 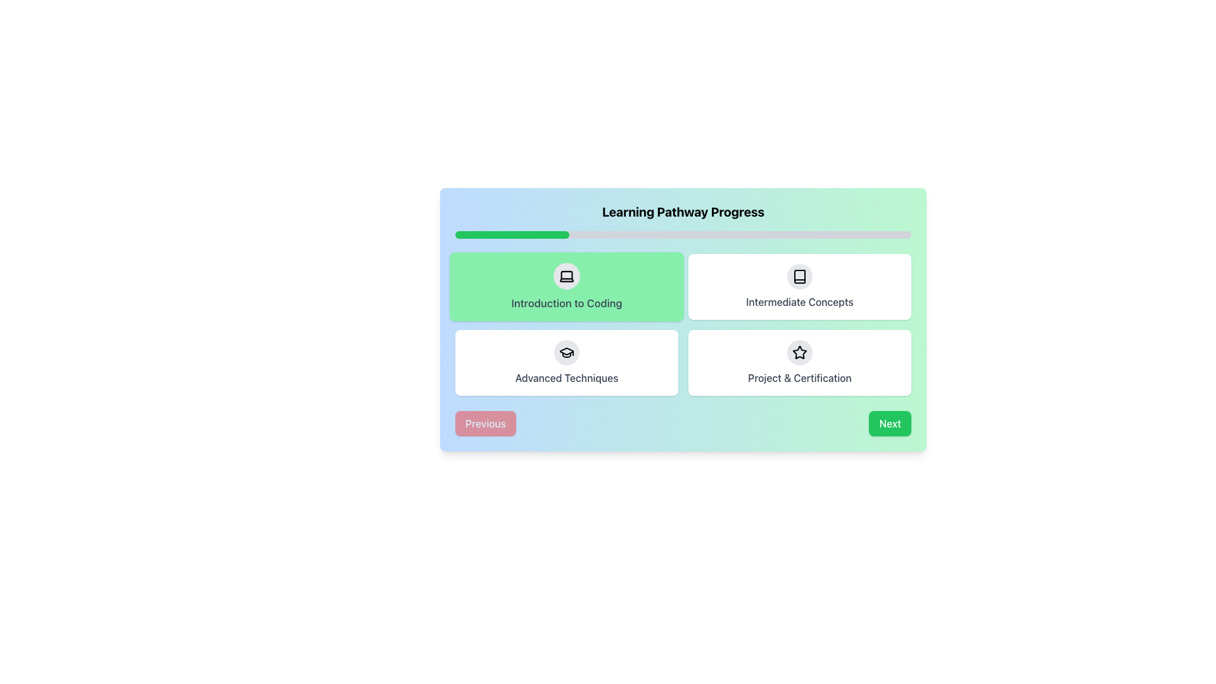 I want to click on the circular Icon Button with a light gray background and a black graduation cap icon located in the 'Advanced Techniques' section of the grid layout, so click(x=566, y=352).